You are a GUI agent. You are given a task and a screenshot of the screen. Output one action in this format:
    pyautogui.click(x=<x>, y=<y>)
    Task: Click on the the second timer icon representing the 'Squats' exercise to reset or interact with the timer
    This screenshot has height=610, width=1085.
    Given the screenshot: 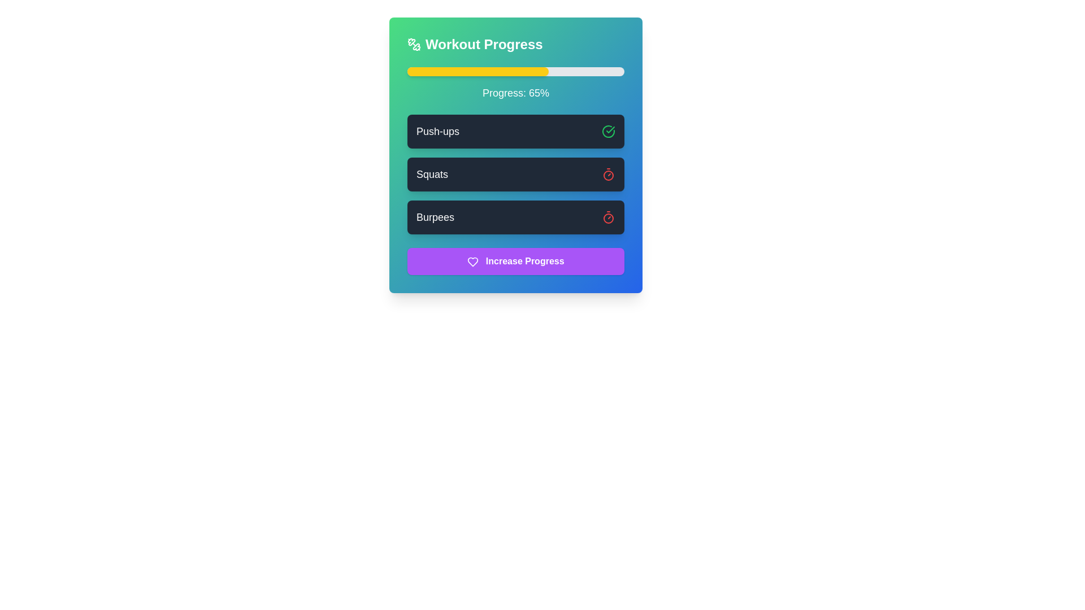 What is the action you would take?
    pyautogui.click(x=607, y=174)
    